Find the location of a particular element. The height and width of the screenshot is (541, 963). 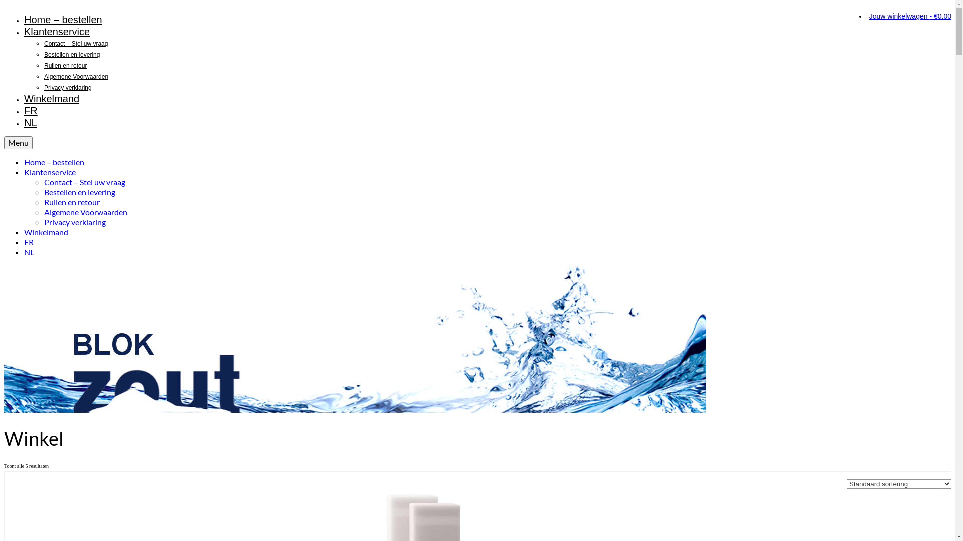

'Menu' is located at coordinates (18, 143).